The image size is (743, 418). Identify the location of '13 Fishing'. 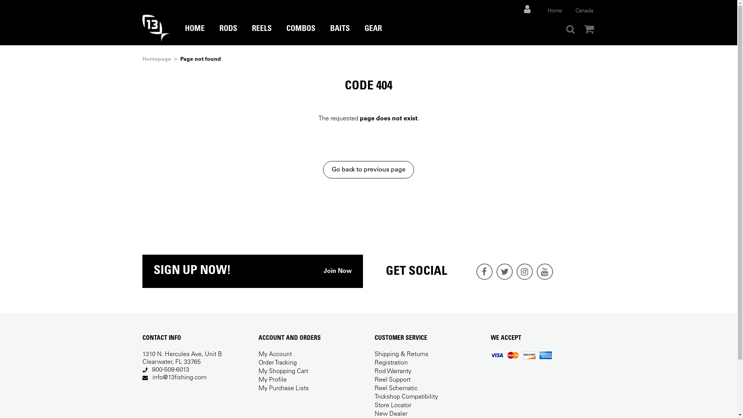
(156, 27).